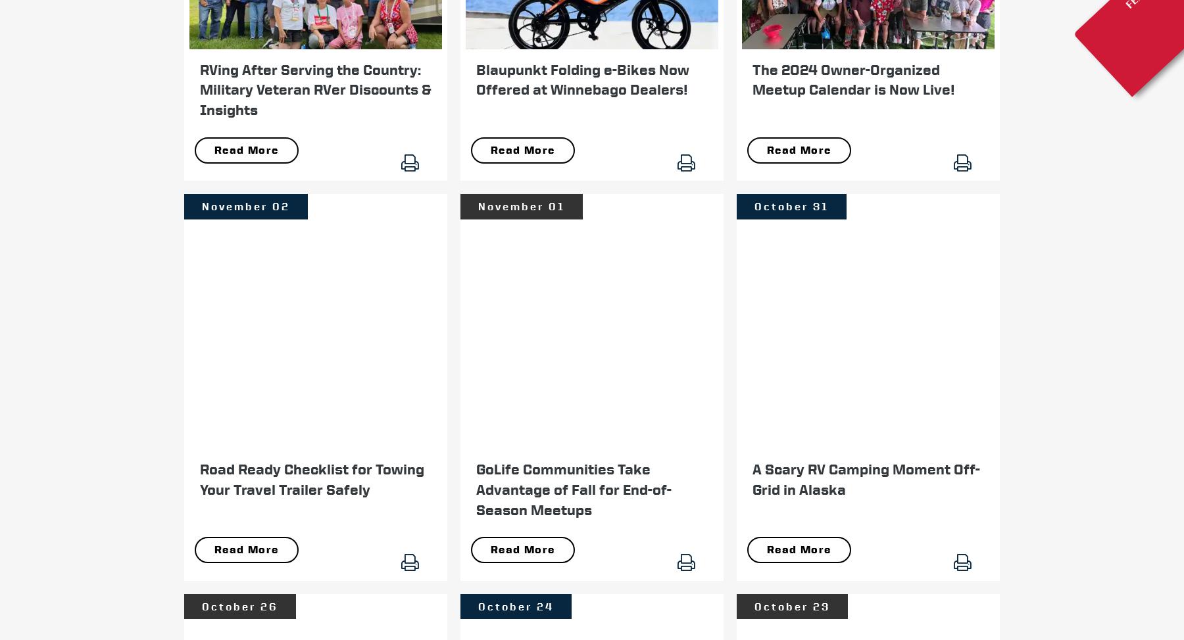  Describe the element at coordinates (314, 88) in the screenshot. I see `'RVing After Serving the Country: Military Veteran RVer Discounts & Insights'` at that location.